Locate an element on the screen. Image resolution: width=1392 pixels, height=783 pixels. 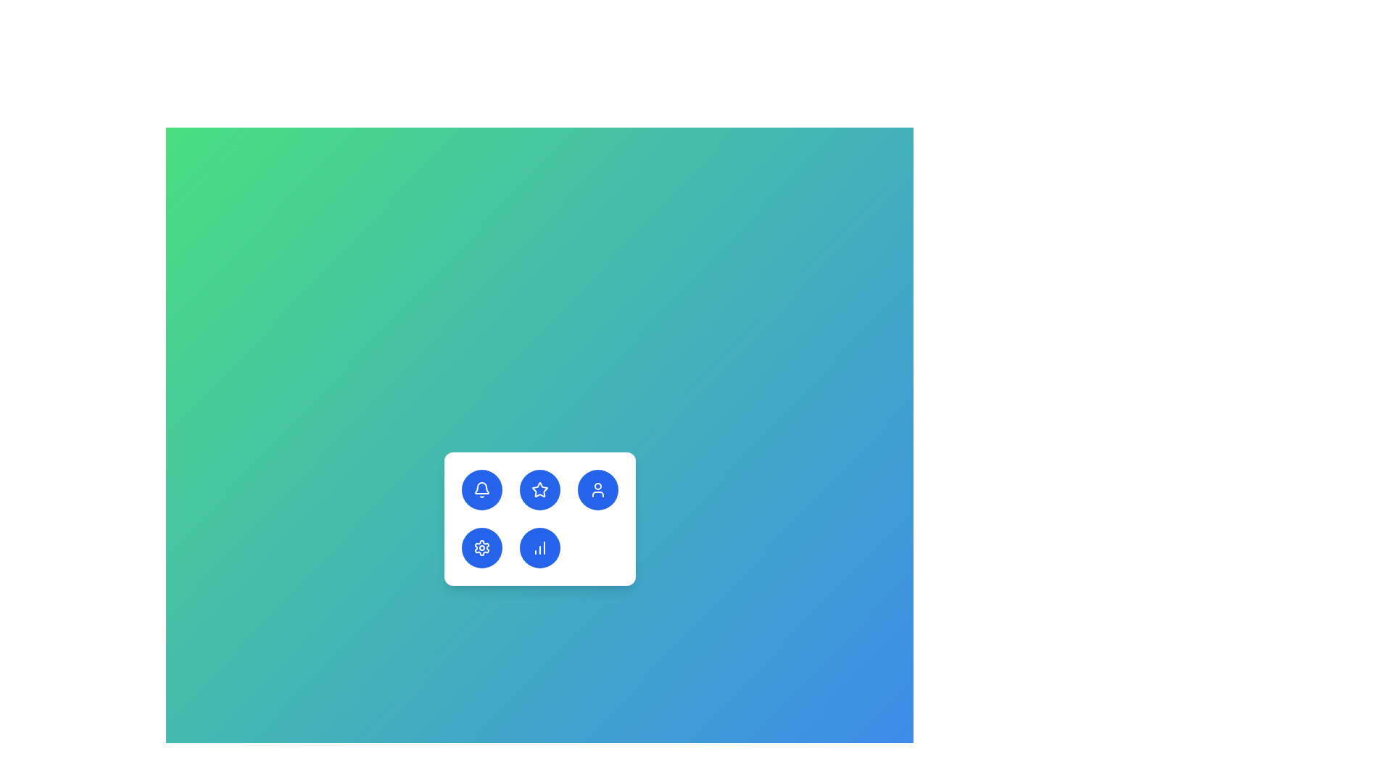
the middle gear-shaped icon in the bottom row of the settings icons is located at coordinates (481, 548).